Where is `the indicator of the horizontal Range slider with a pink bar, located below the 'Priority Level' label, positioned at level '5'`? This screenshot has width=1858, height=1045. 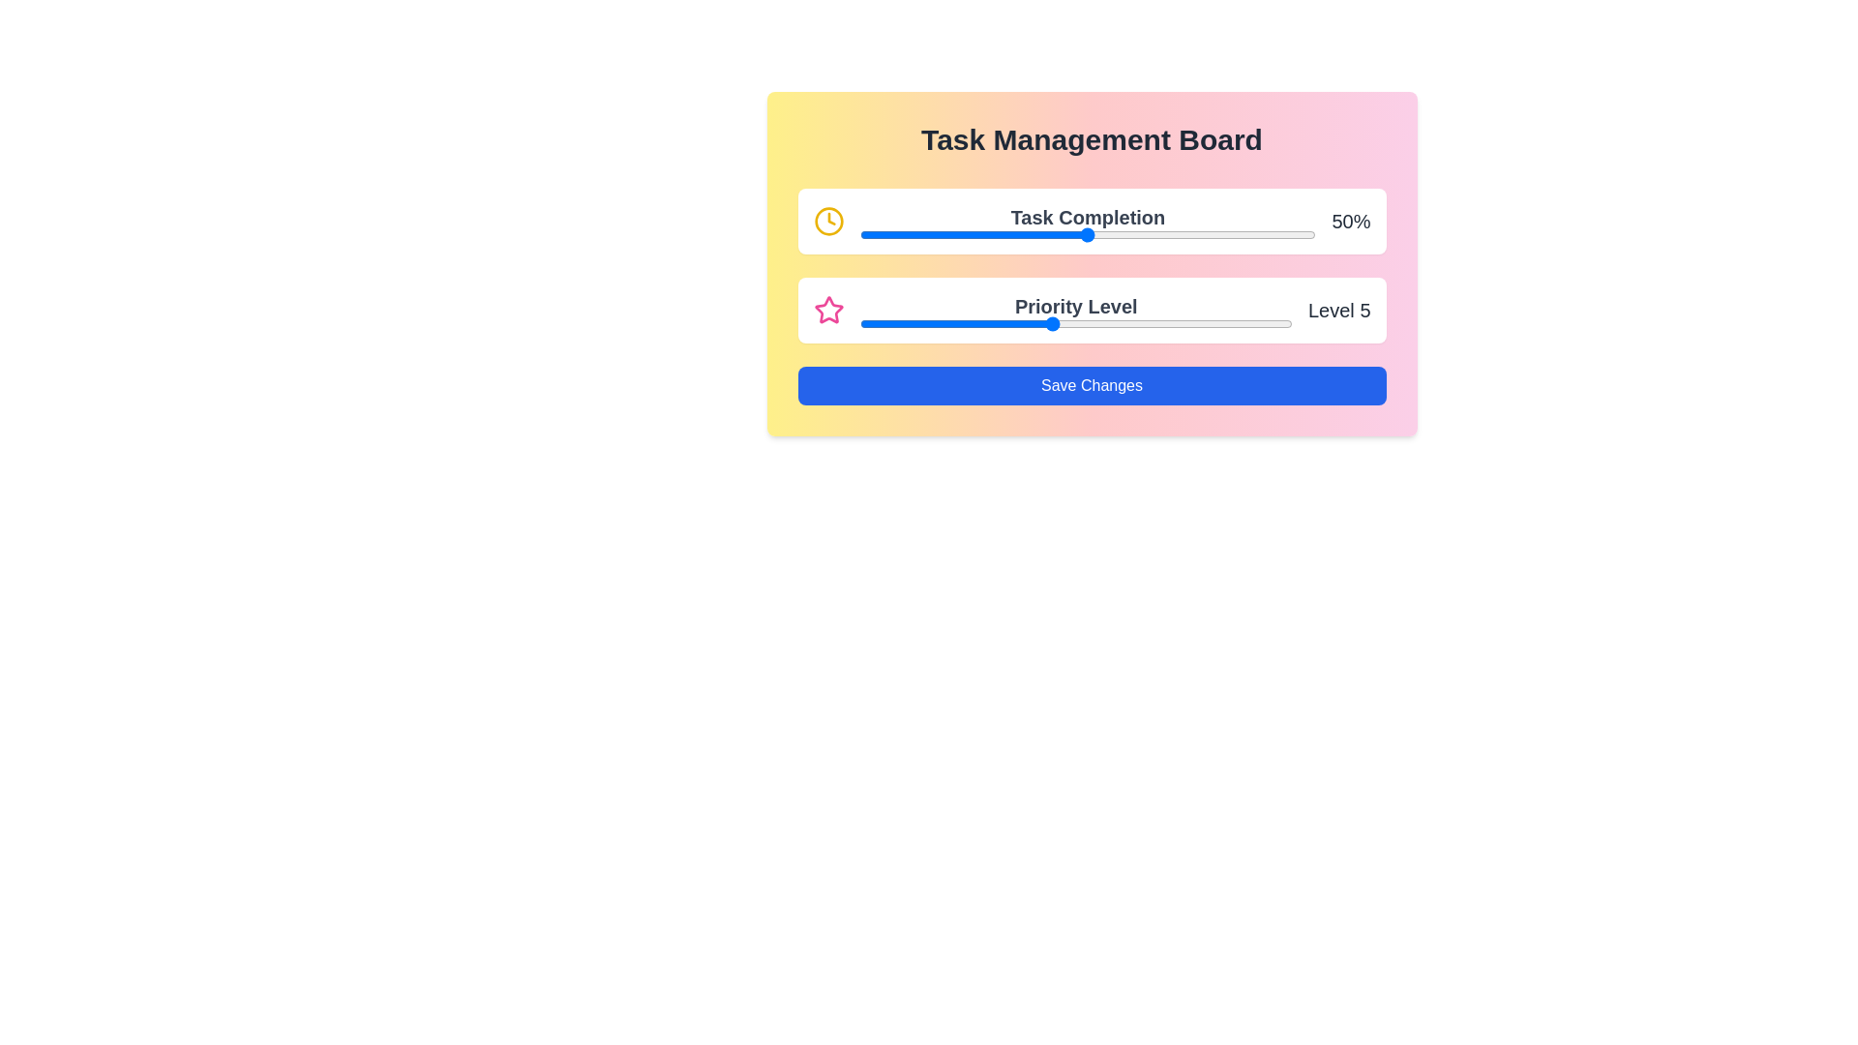 the indicator of the horizontal Range slider with a pink bar, located below the 'Priority Level' label, positioned at level '5' is located at coordinates (1075, 323).